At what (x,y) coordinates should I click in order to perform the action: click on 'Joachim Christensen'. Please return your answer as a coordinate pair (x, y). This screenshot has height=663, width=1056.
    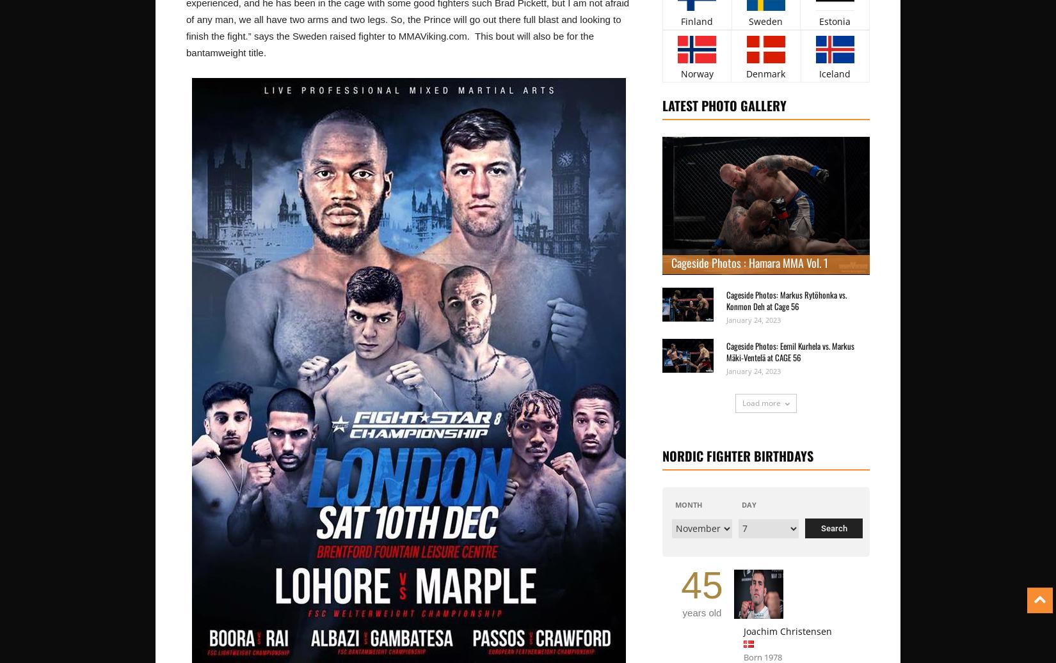
    Looking at the image, I should click on (743, 630).